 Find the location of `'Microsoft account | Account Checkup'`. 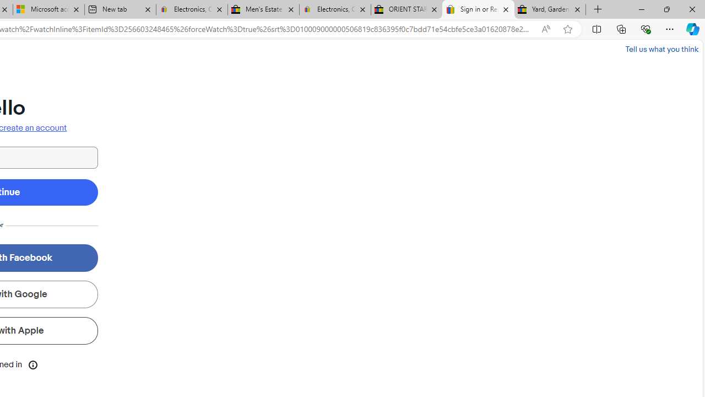

'Microsoft account | Account Checkup' is located at coordinates (48, 9).